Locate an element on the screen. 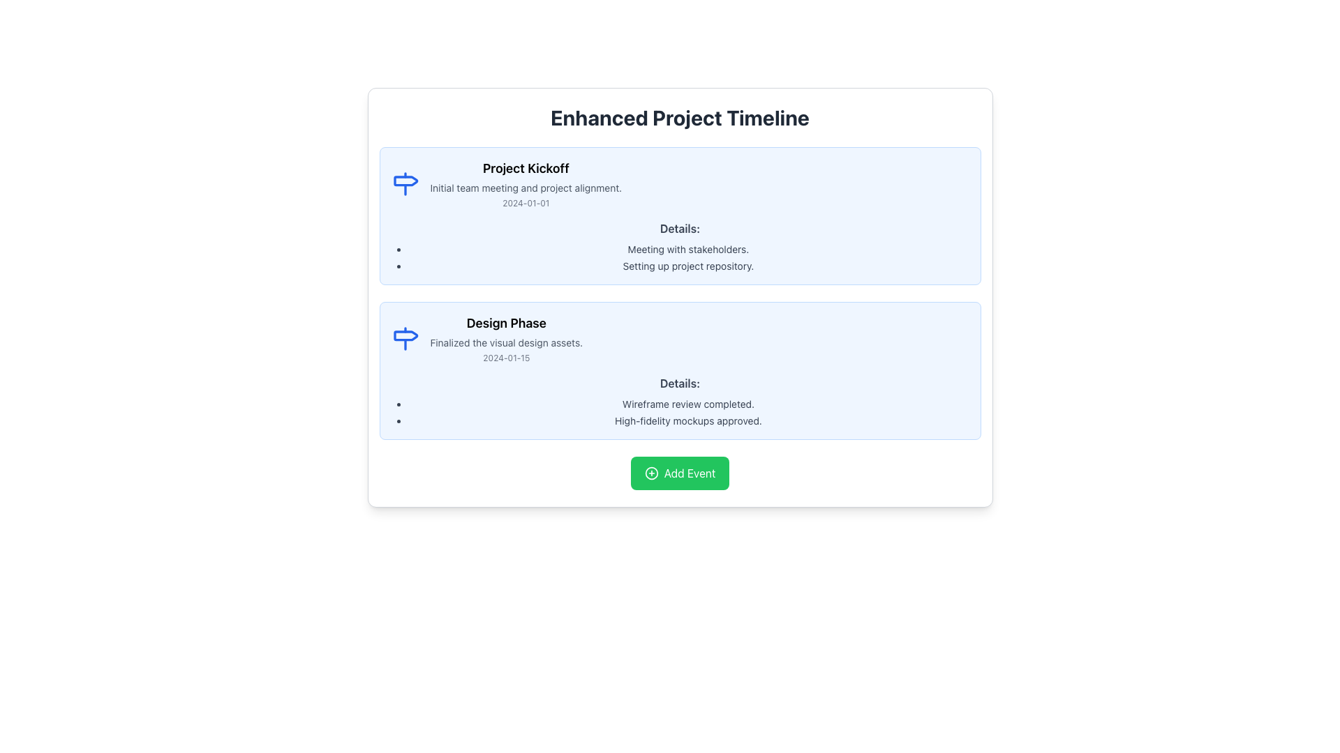 This screenshot has height=753, width=1340. the blue directional signpost icon with opposing arrows, located next to the 'Project Kickoff' heading in the project timeline interface is located at coordinates (404, 183).